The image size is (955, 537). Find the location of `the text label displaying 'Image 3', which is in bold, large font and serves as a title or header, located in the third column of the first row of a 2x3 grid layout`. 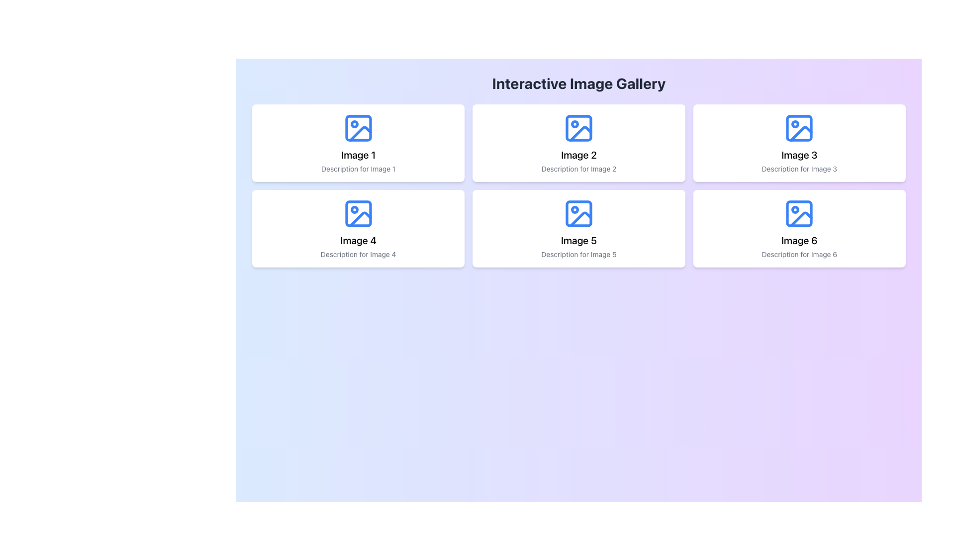

the text label displaying 'Image 3', which is in bold, large font and serves as a title or header, located in the third column of the first row of a 2x3 grid layout is located at coordinates (799, 155).